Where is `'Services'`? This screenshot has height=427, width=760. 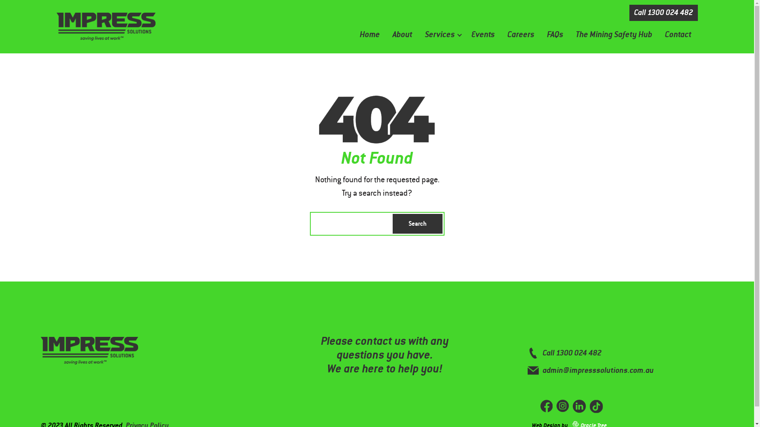
'Services' is located at coordinates (425, 34).